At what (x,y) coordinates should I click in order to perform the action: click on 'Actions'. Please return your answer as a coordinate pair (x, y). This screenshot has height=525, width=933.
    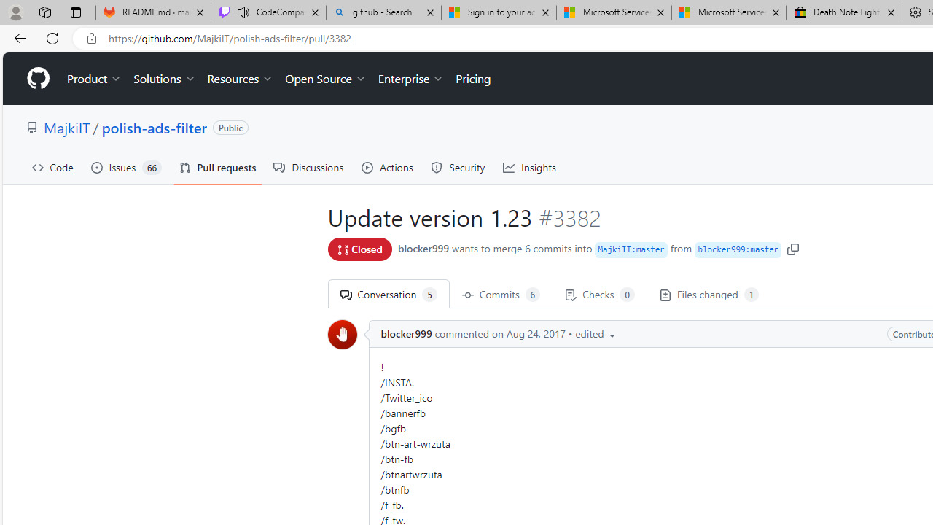
    Looking at the image, I should click on (387, 167).